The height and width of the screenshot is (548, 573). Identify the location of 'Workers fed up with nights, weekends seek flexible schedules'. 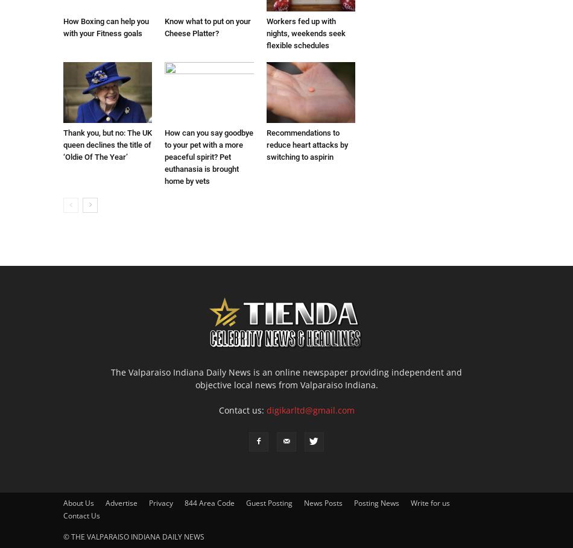
(305, 33).